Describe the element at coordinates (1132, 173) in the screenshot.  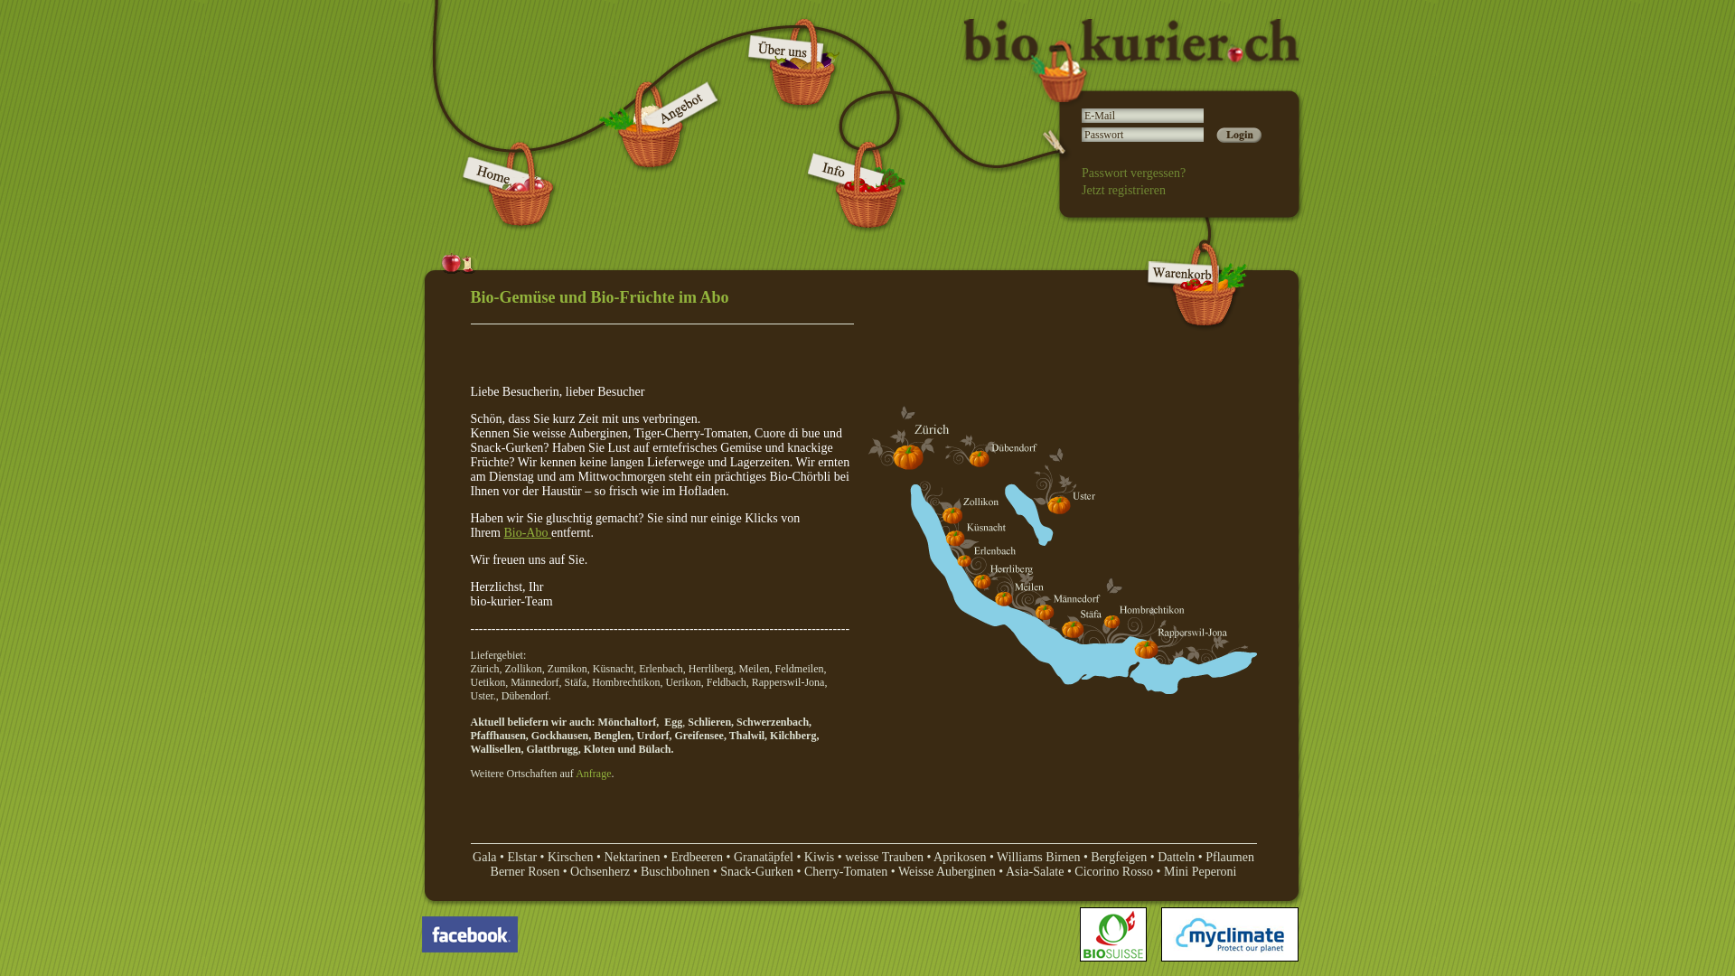
I see `'Passwort vergessen?'` at that location.